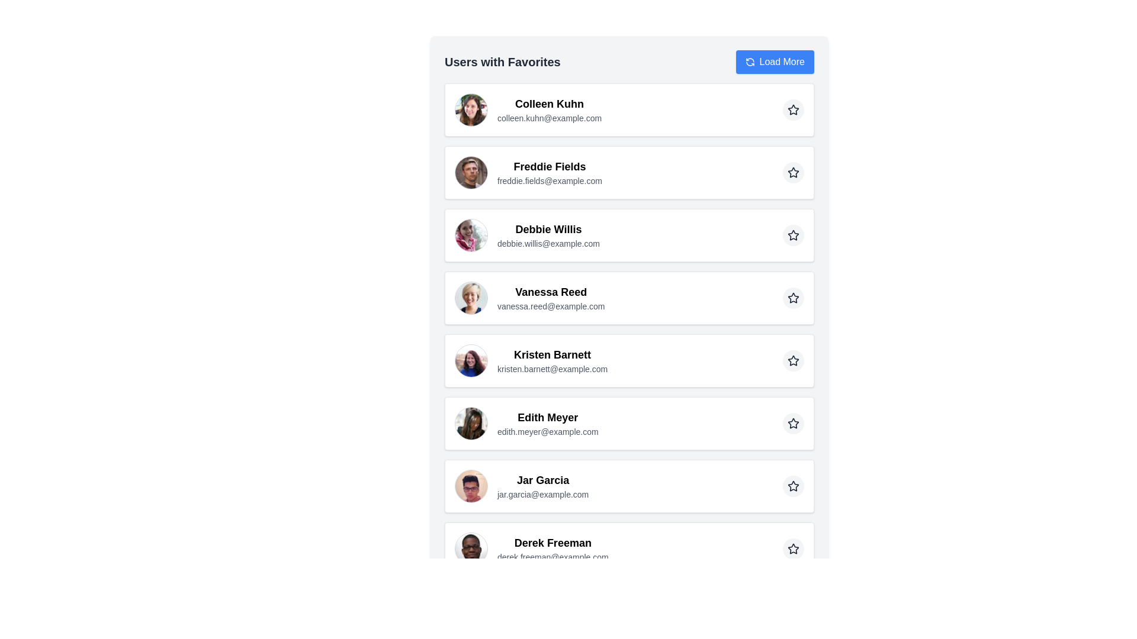  What do you see at coordinates (793, 109) in the screenshot?
I see `the star icon button with a hollow center and gray stroke outline, located in the topmost row of the user list to the far-right side` at bounding box center [793, 109].